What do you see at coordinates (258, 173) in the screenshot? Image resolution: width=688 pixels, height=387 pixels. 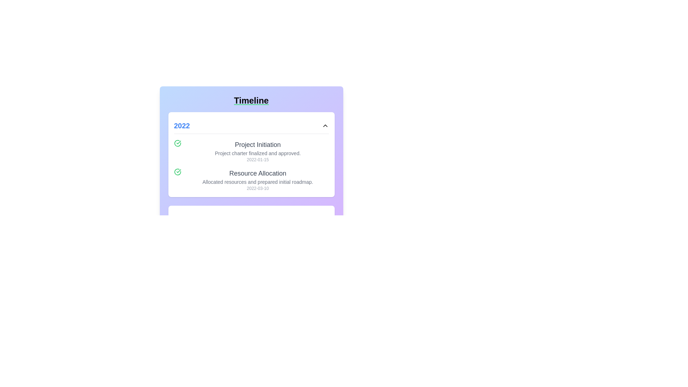 I see `the text label displaying 'Resource Allocation', which is the title of a timeline event located just below 'Project Initiation' and centered horizontally in the timeline card` at bounding box center [258, 173].